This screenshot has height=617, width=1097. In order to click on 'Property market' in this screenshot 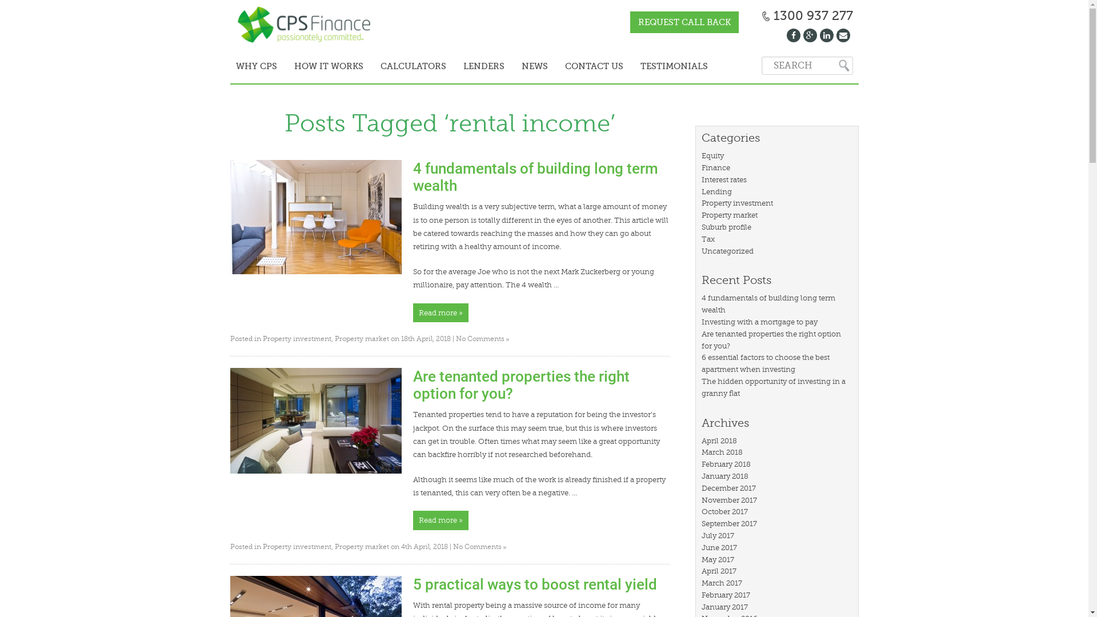, I will do `click(361, 546)`.